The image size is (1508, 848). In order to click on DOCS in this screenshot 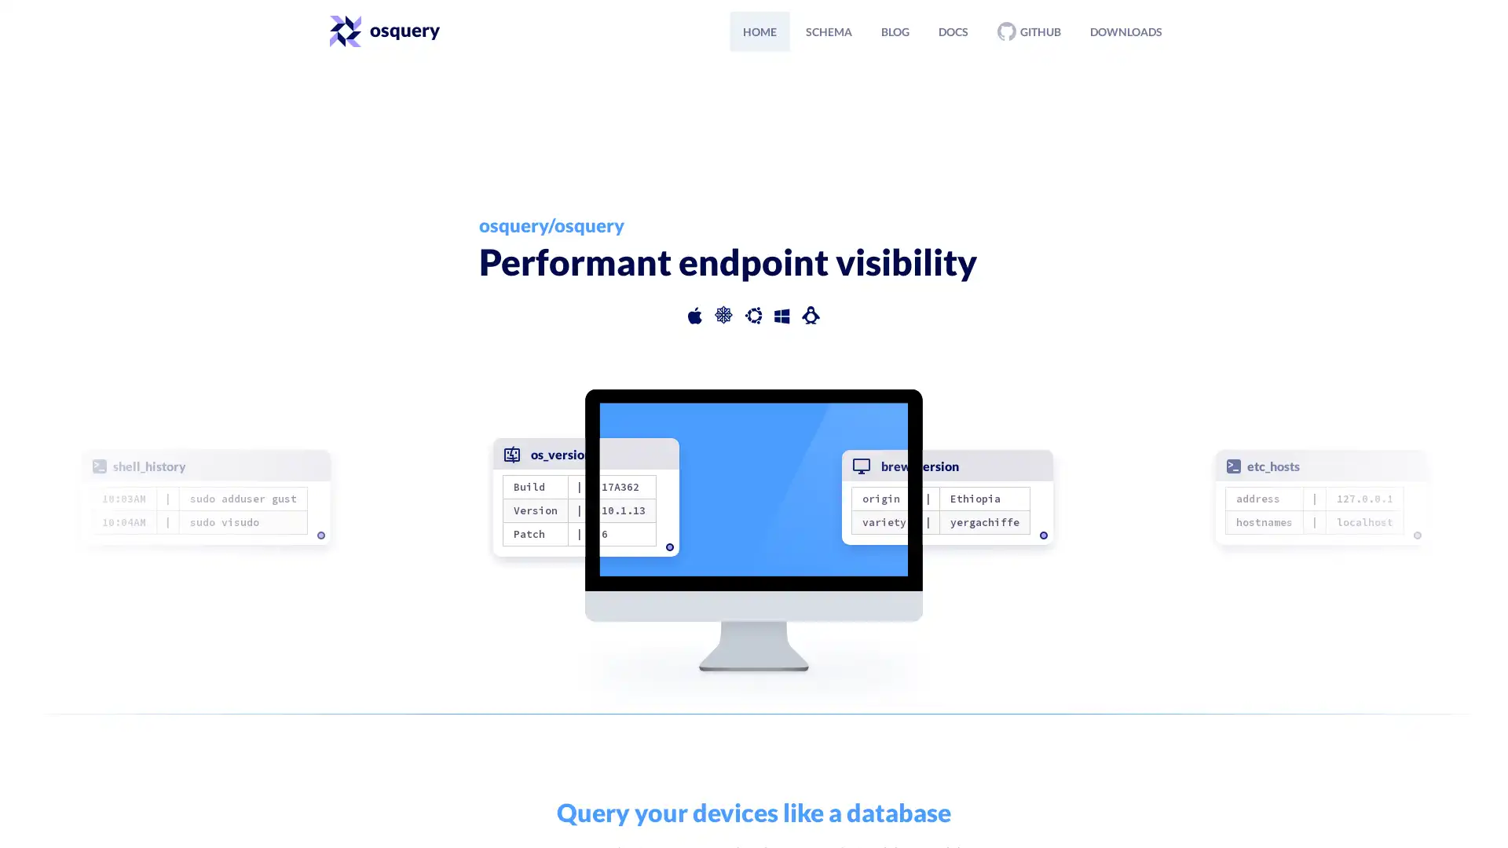, I will do `click(953, 31)`.